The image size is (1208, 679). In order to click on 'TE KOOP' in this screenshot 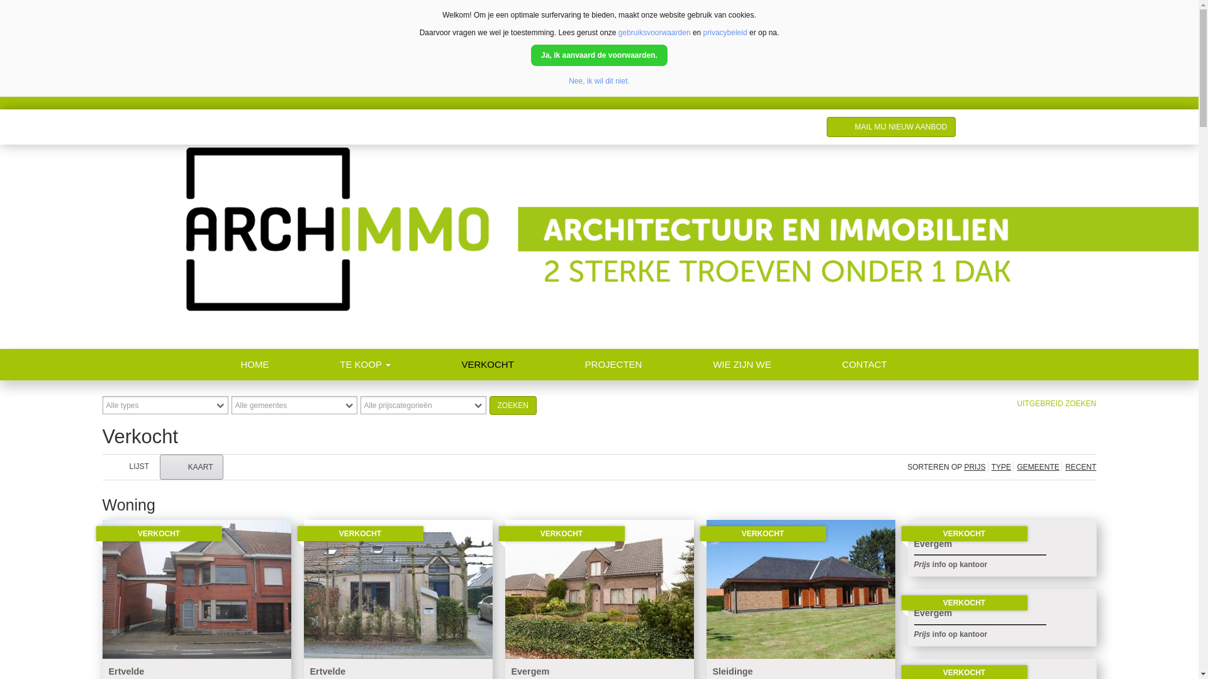, I will do `click(400, 364)`.